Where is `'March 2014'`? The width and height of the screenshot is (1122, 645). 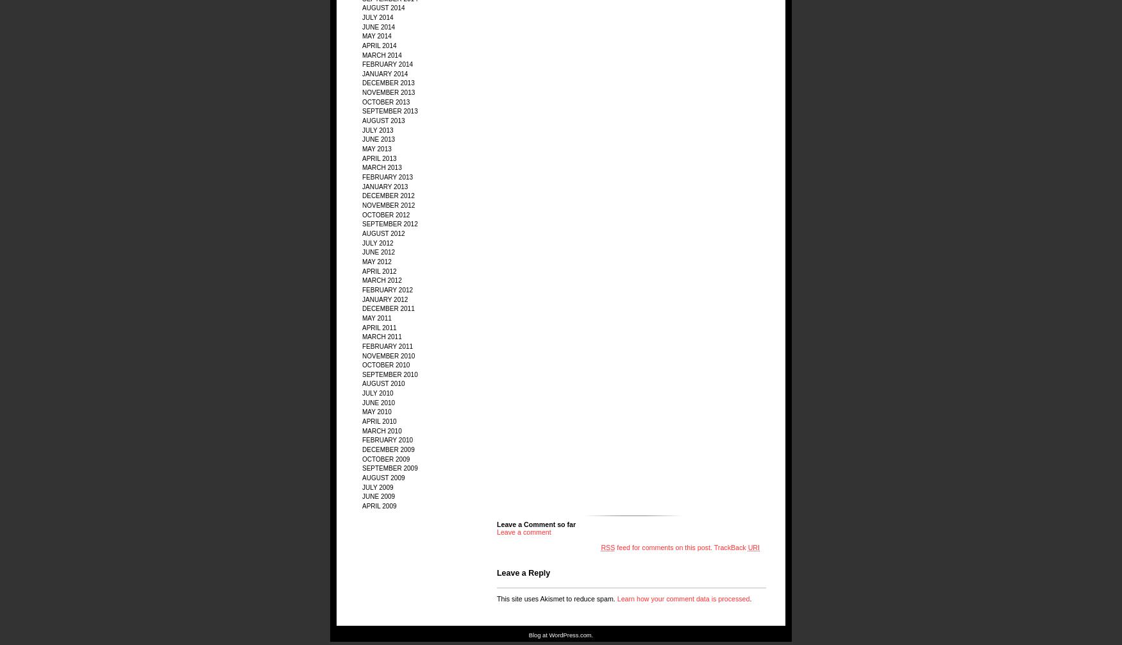
'March 2014' is located at coordinates (362, 54).